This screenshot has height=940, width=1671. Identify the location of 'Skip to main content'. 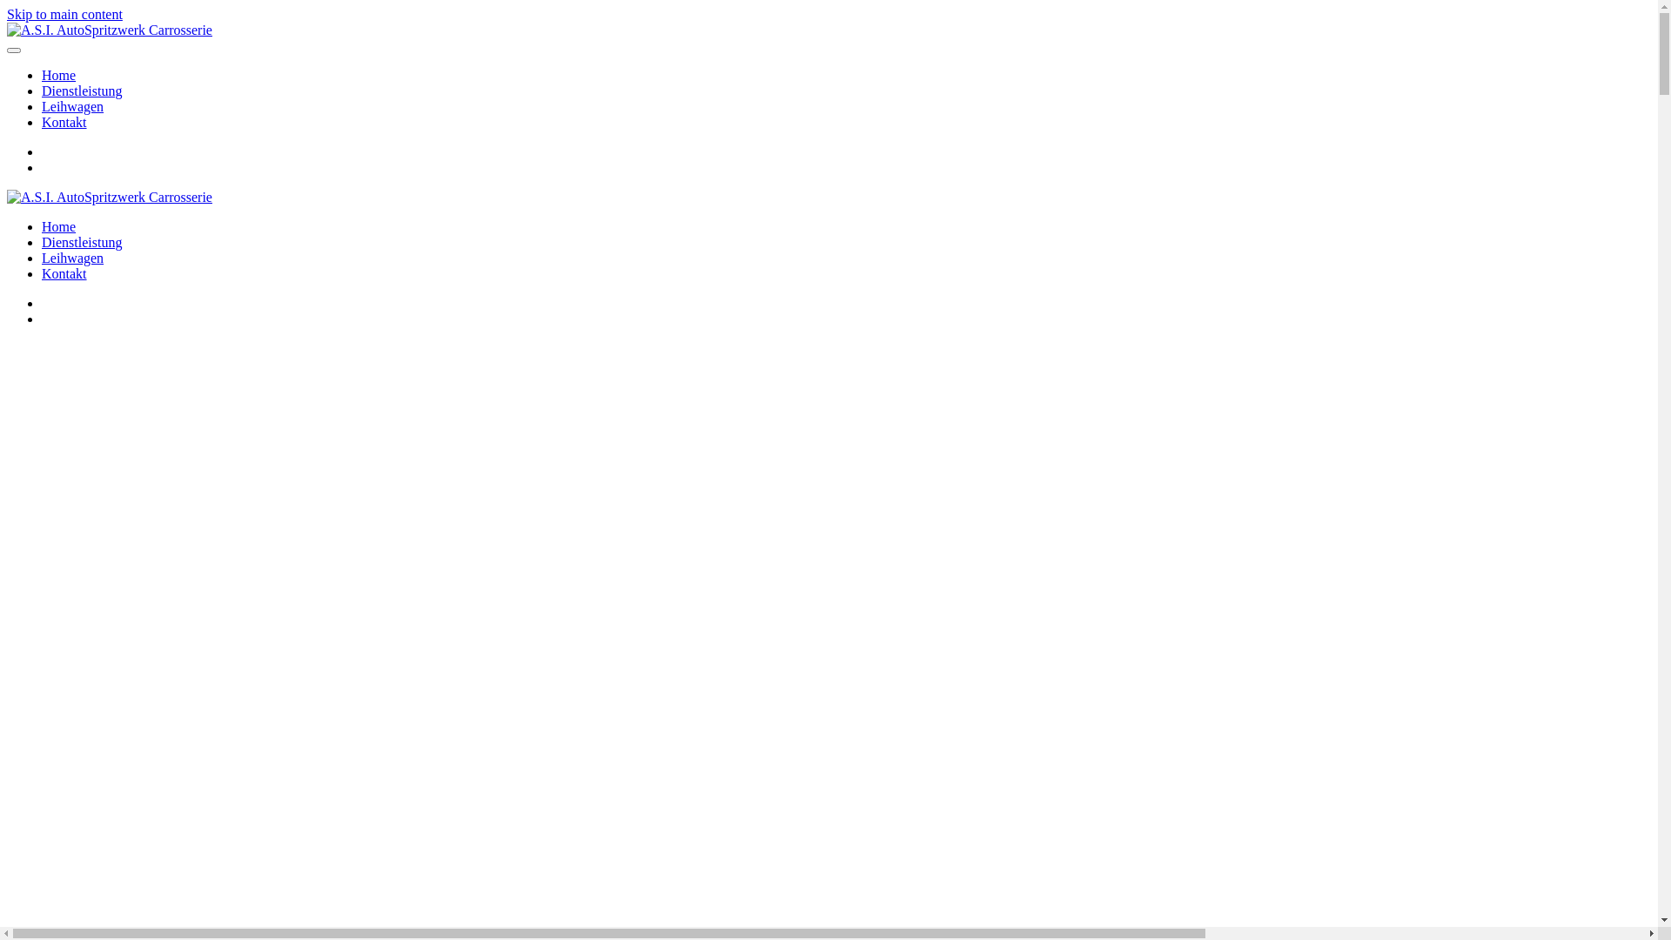
(64, 14).